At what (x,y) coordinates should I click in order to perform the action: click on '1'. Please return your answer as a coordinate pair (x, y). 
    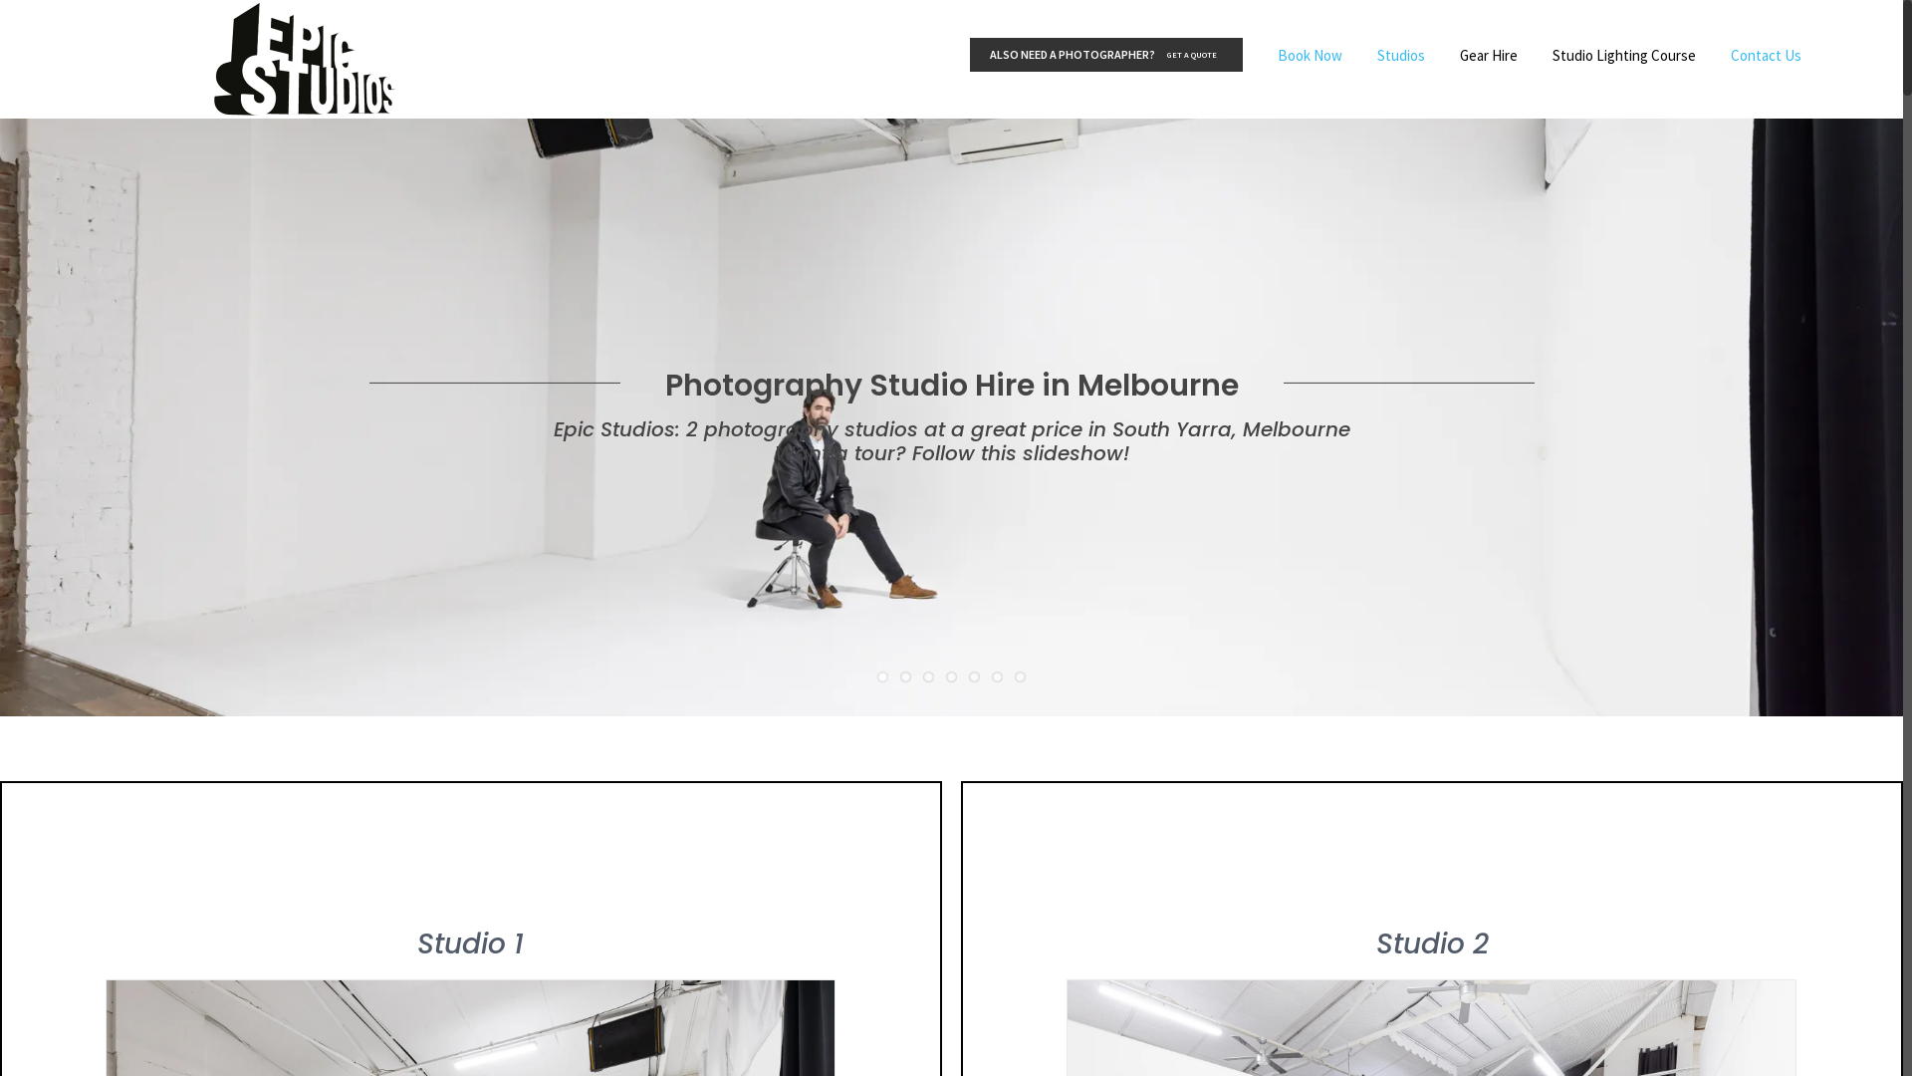
    Looking at the image, I should click on (876, 675).